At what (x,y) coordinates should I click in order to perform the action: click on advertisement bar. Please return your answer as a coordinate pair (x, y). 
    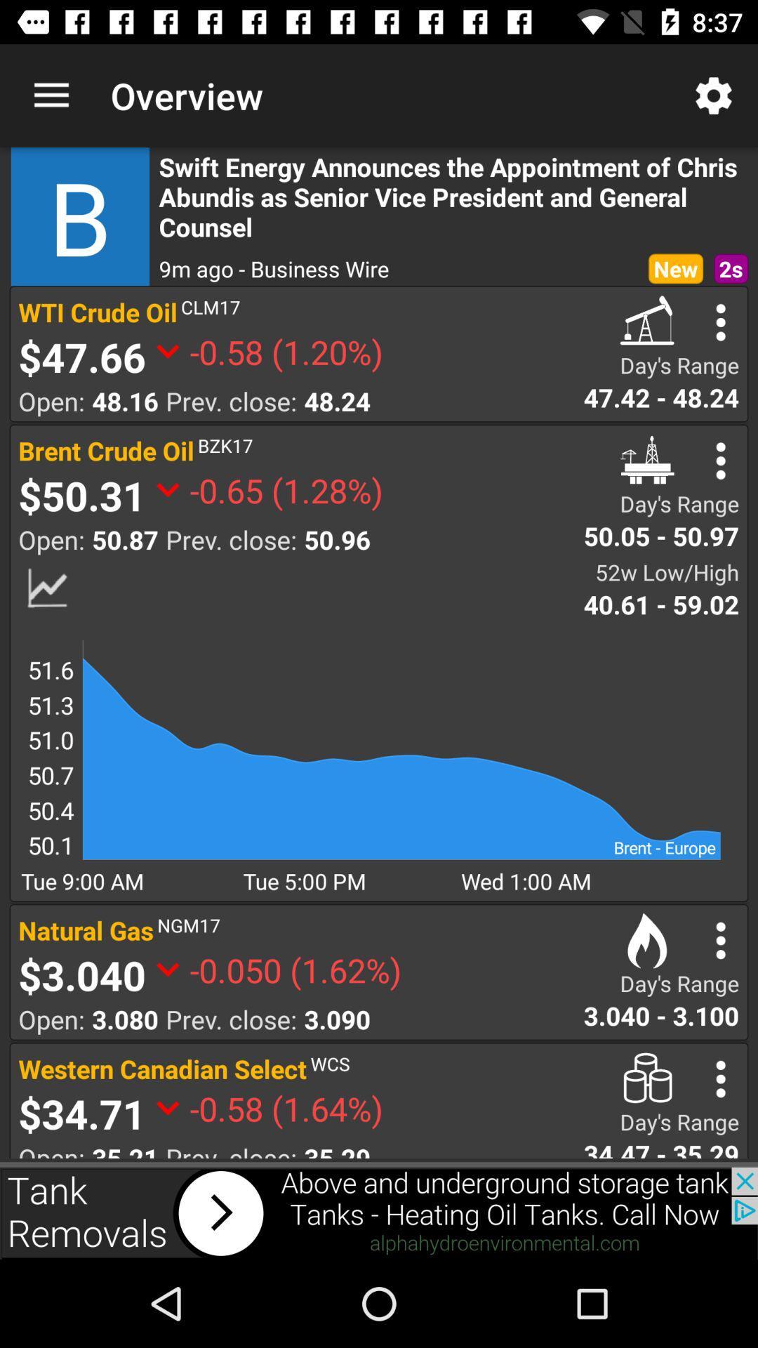
    Looking at the image, I should click on (379, 1212).